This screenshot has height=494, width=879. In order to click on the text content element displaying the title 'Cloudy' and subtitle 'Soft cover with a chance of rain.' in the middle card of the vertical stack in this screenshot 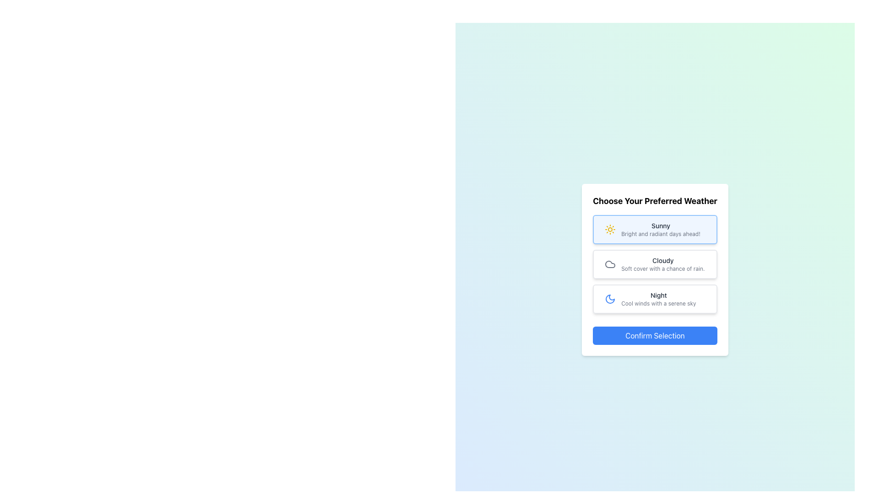, I will do `click(663, 264)`.